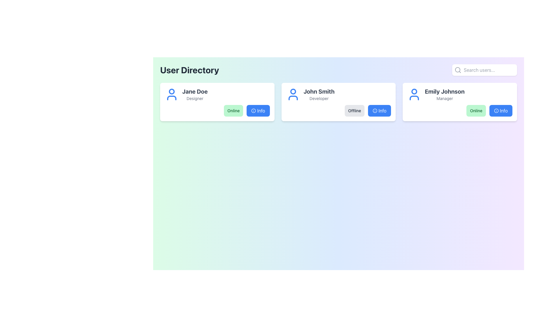 The height and width of the screenshot is (314, 559). I want to click on the 'Info' icon located to the right of the 'Offline' button within the user information card for 'John Smith' for accessibility purposes, so click(375, 111).